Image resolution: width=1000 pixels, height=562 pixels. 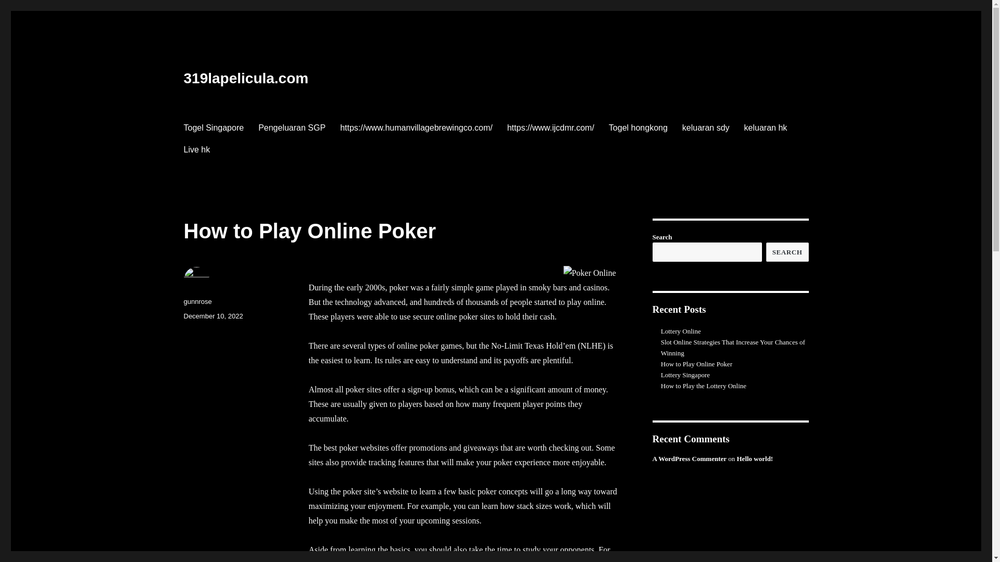 What do you see at coordinates (292, 127) in the screenshot?
I see `'Pengeluaran SGP'` at bounding box center [292, 127].